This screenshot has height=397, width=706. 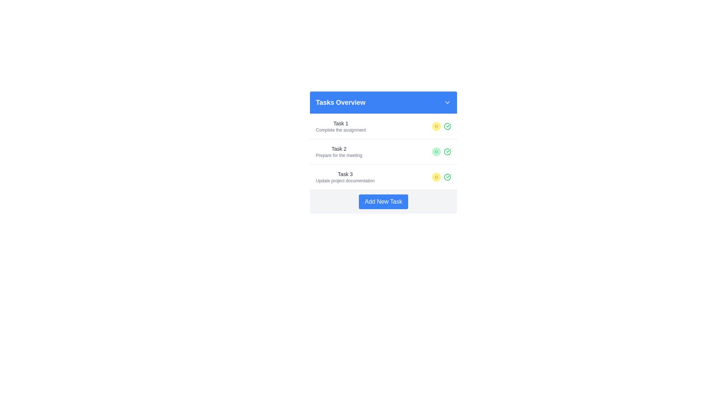 I want to click on the circular green icon with a checkmark, indicating a successful state, located at the end of the row for 'Task 2: Prepare for the meeting', so click(x=447, y=177).